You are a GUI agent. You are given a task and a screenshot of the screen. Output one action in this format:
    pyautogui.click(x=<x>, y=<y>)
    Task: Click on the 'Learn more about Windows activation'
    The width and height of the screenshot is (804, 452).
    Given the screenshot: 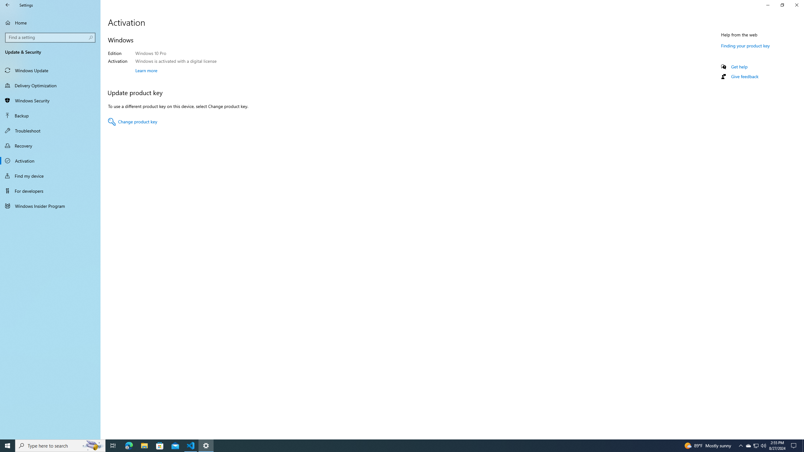 What is the action you would take?
    pyautogui.click(x=146, y=70)
    